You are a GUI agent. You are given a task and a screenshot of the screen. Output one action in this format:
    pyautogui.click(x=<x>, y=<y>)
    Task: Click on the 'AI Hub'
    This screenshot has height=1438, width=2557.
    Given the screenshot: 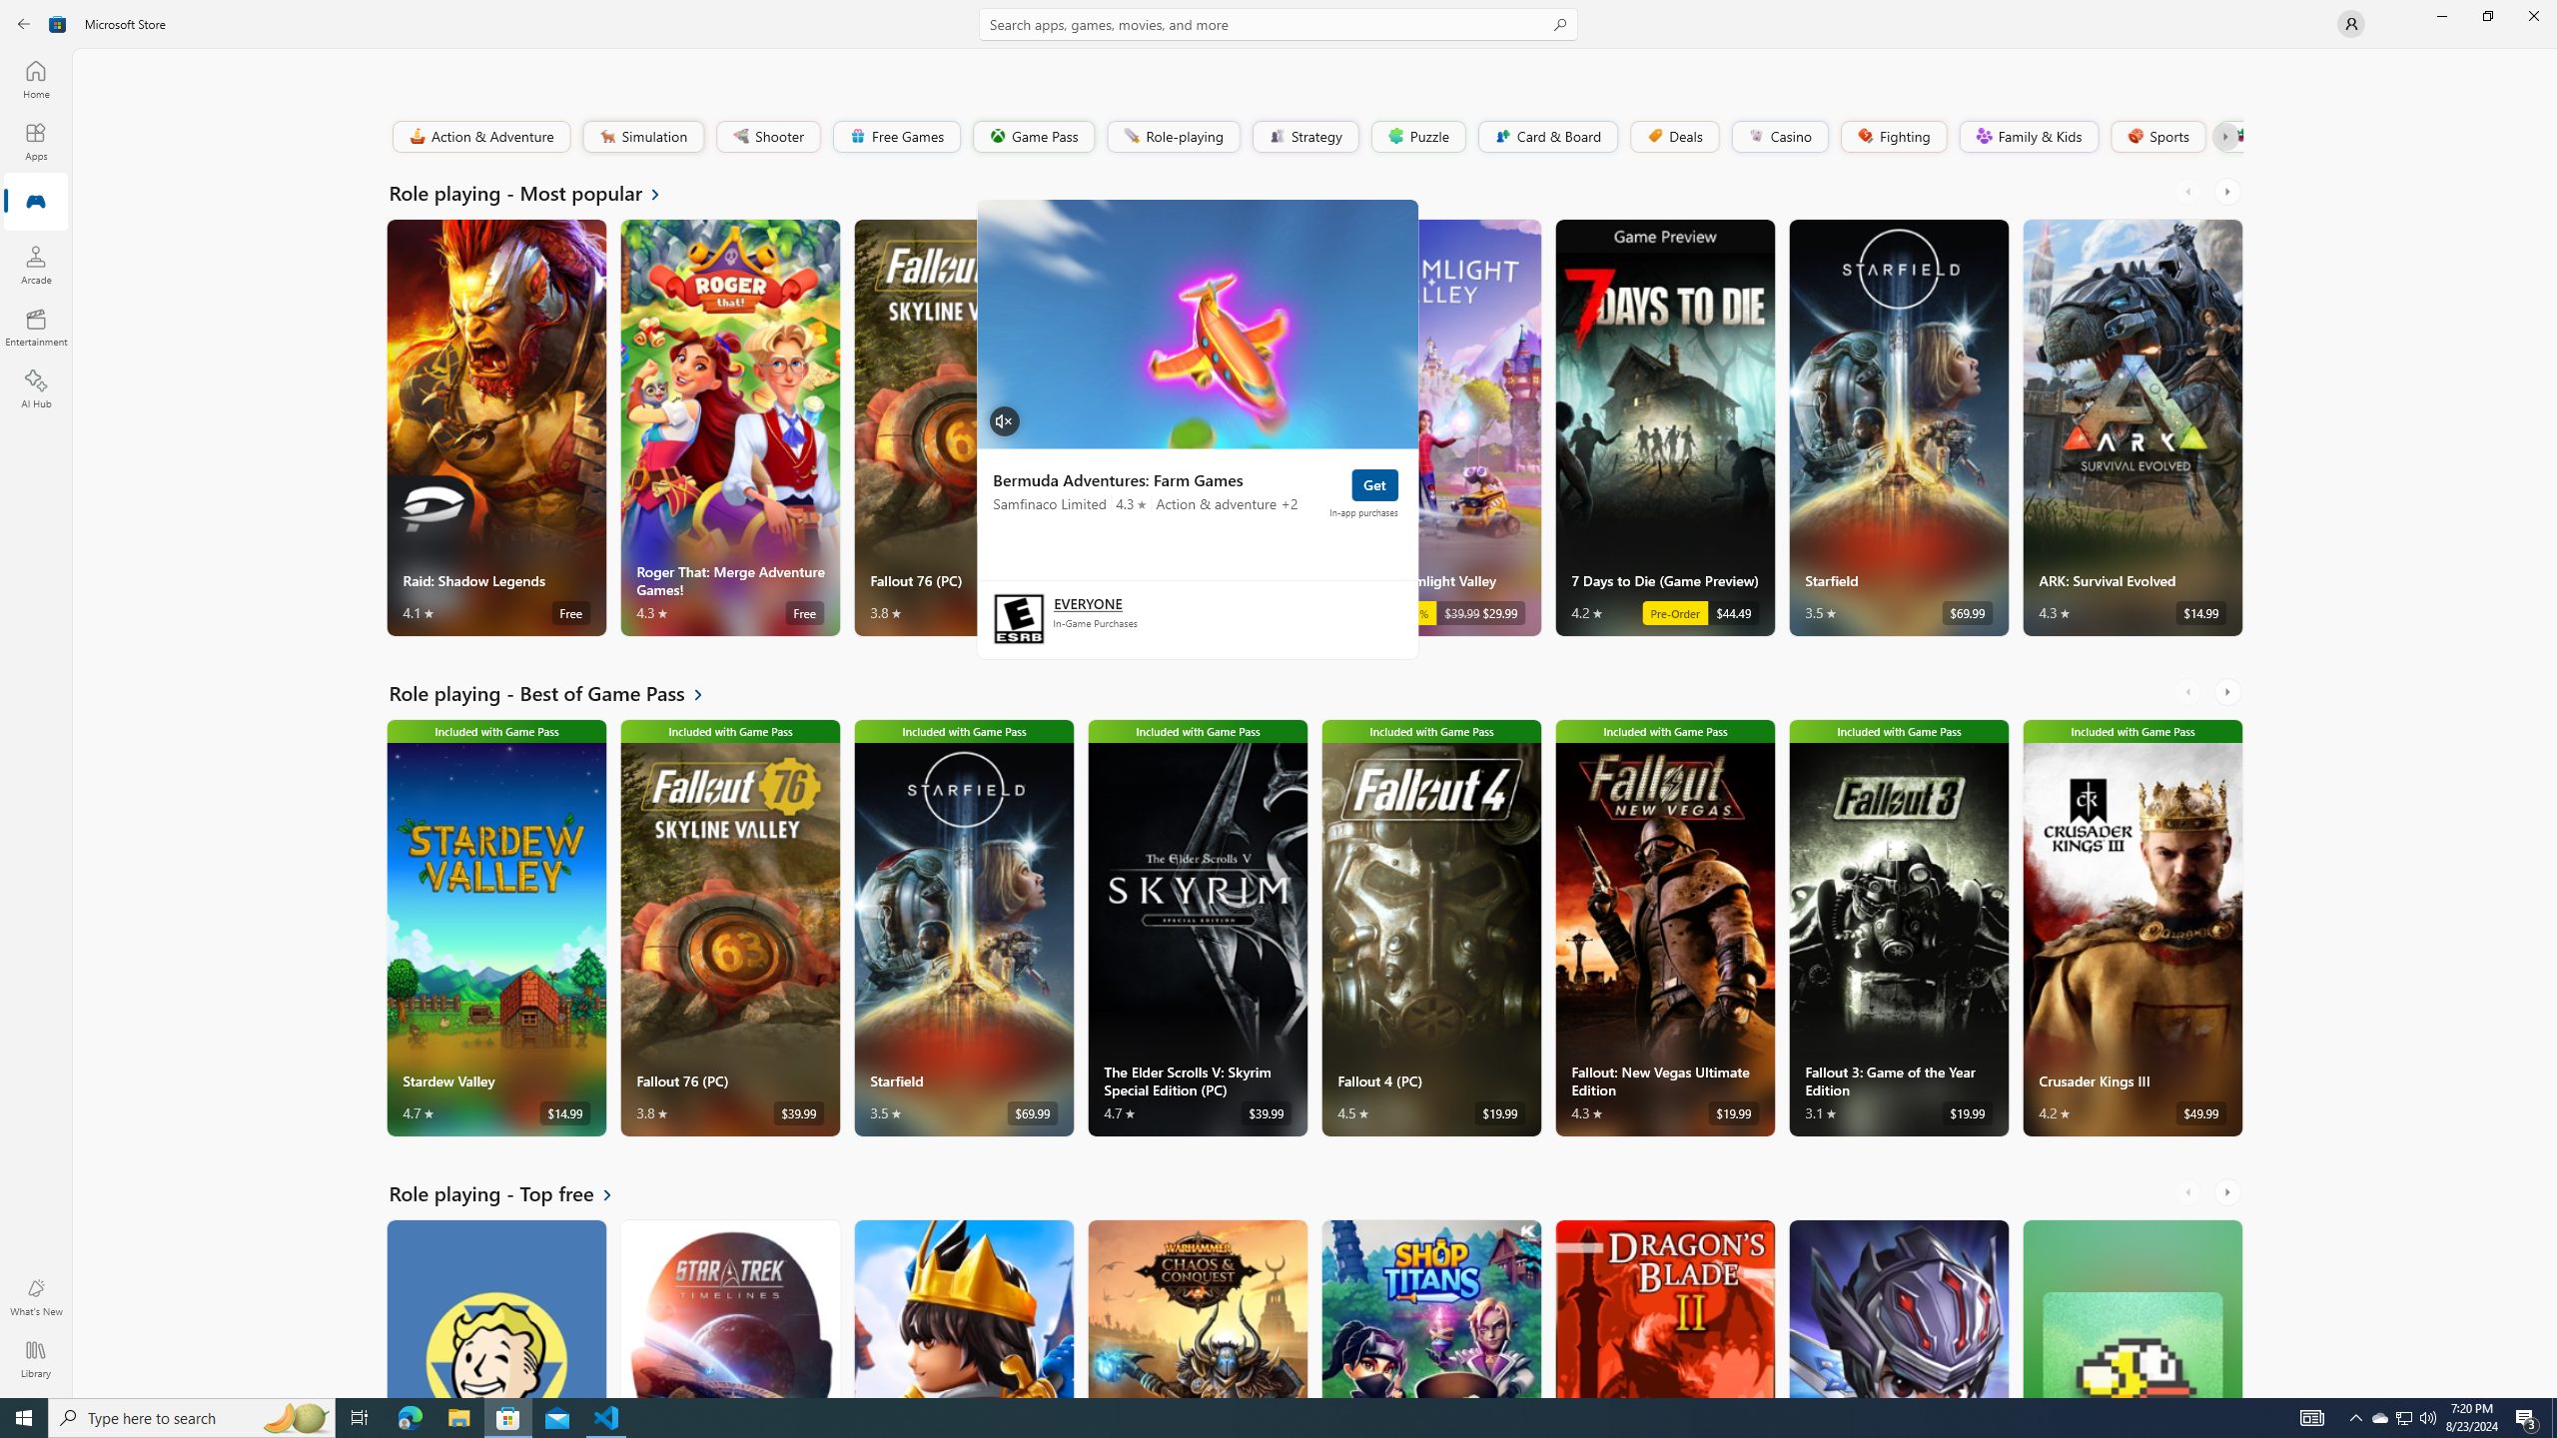 What is the action you would take?
    pyautogui.click(x=34, y=387)
    